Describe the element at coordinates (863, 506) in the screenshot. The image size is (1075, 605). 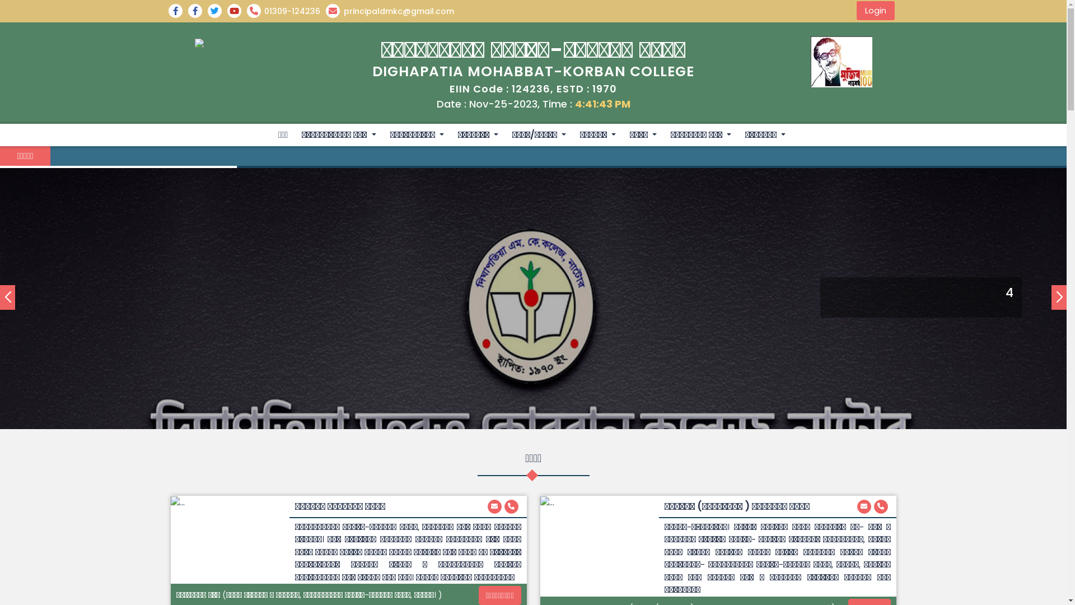
I see `'principaldmkc@gmail.com '` at that location.